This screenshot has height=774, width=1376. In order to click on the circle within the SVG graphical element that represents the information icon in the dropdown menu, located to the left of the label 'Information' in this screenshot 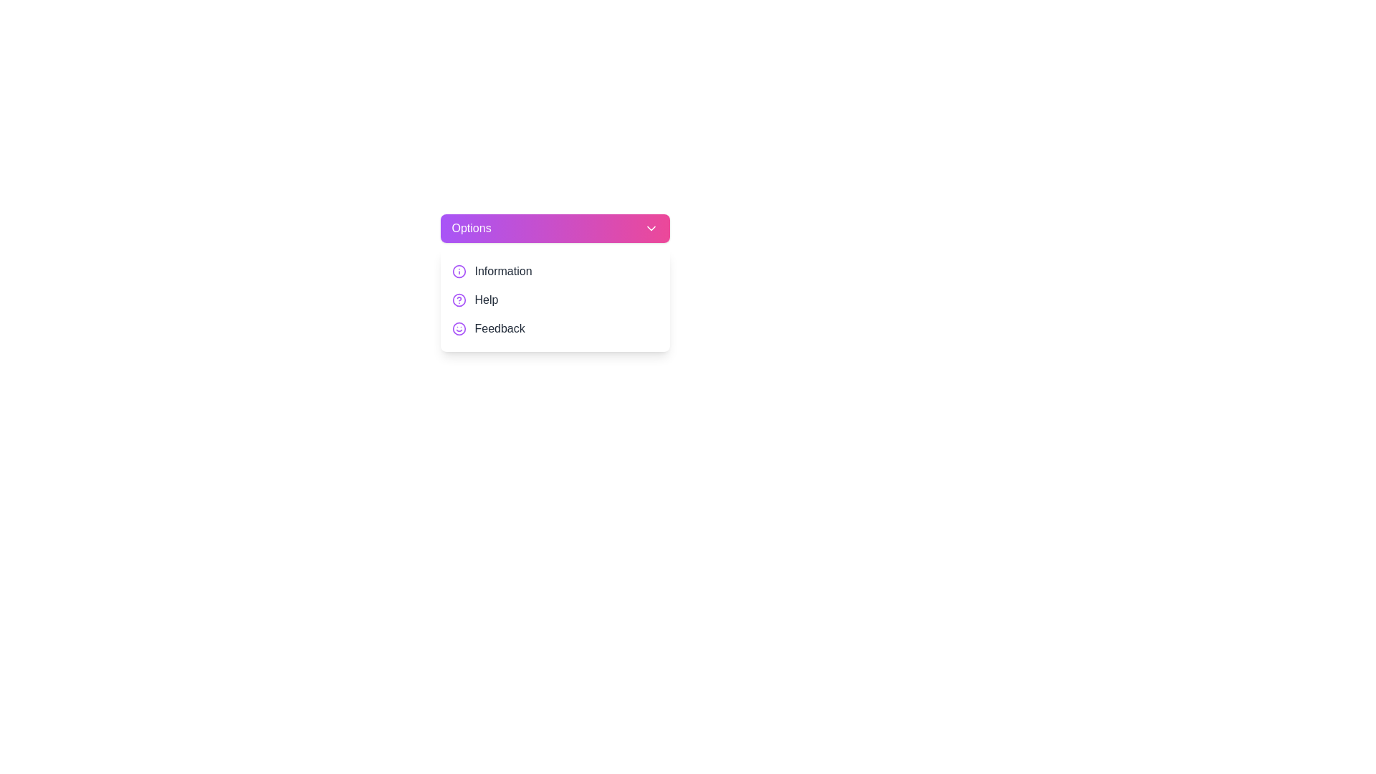, I will do `click(459, 300)`.